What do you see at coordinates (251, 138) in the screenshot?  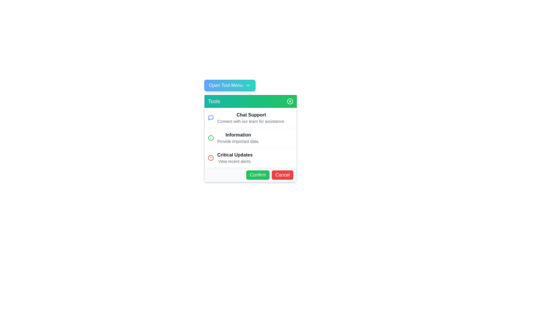 I see `the list item labeled 'Information' which features a green circular icon with an 'i' and includes a bold header and a subheader` at bounding box center [251, 138].